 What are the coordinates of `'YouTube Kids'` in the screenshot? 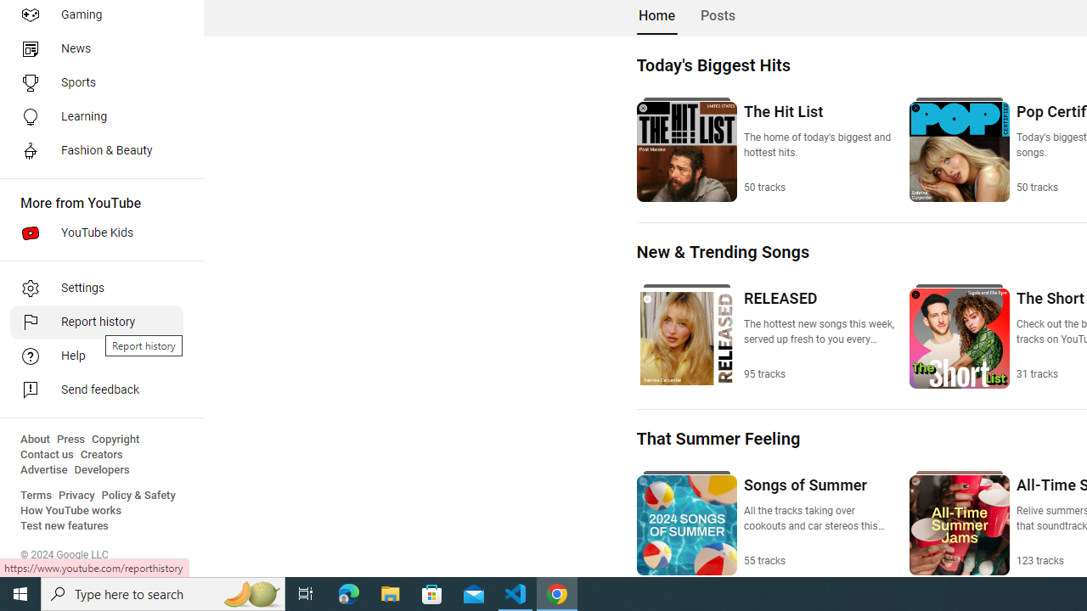 It's located at (95, 233).